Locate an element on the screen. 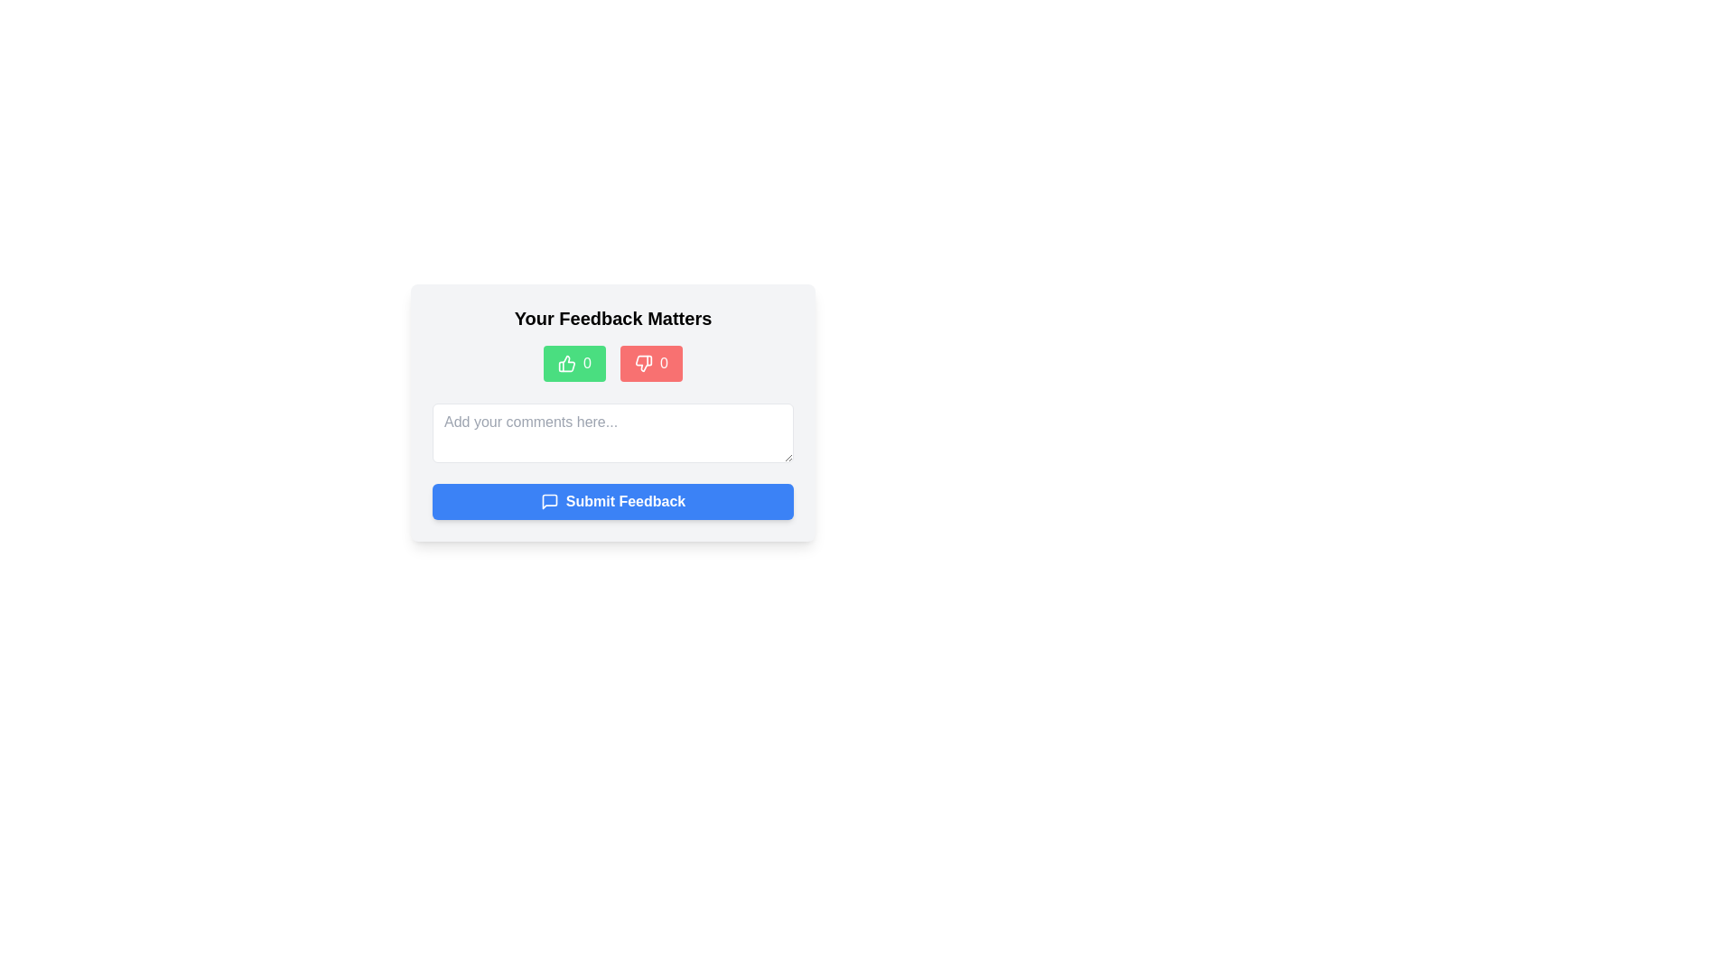 Image resolution: width=1734 pixels, height=975 pixels. text value of the small text component displaying the number '0', which is located inside a red button grouping on the right of a thumbs-down icon, at the bottom of the central interface section is located at coordinates (663, 363).